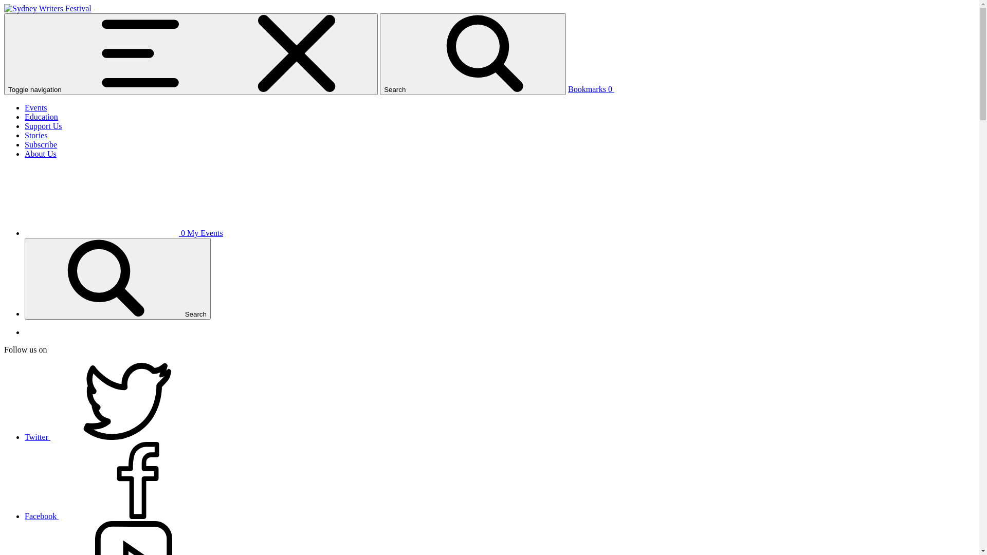 Image resolution: width=987 pixels, height=555 pixels. Describe the element at coordinates (42, 125) in the screenshot. I see `'Support Us'` at that location.